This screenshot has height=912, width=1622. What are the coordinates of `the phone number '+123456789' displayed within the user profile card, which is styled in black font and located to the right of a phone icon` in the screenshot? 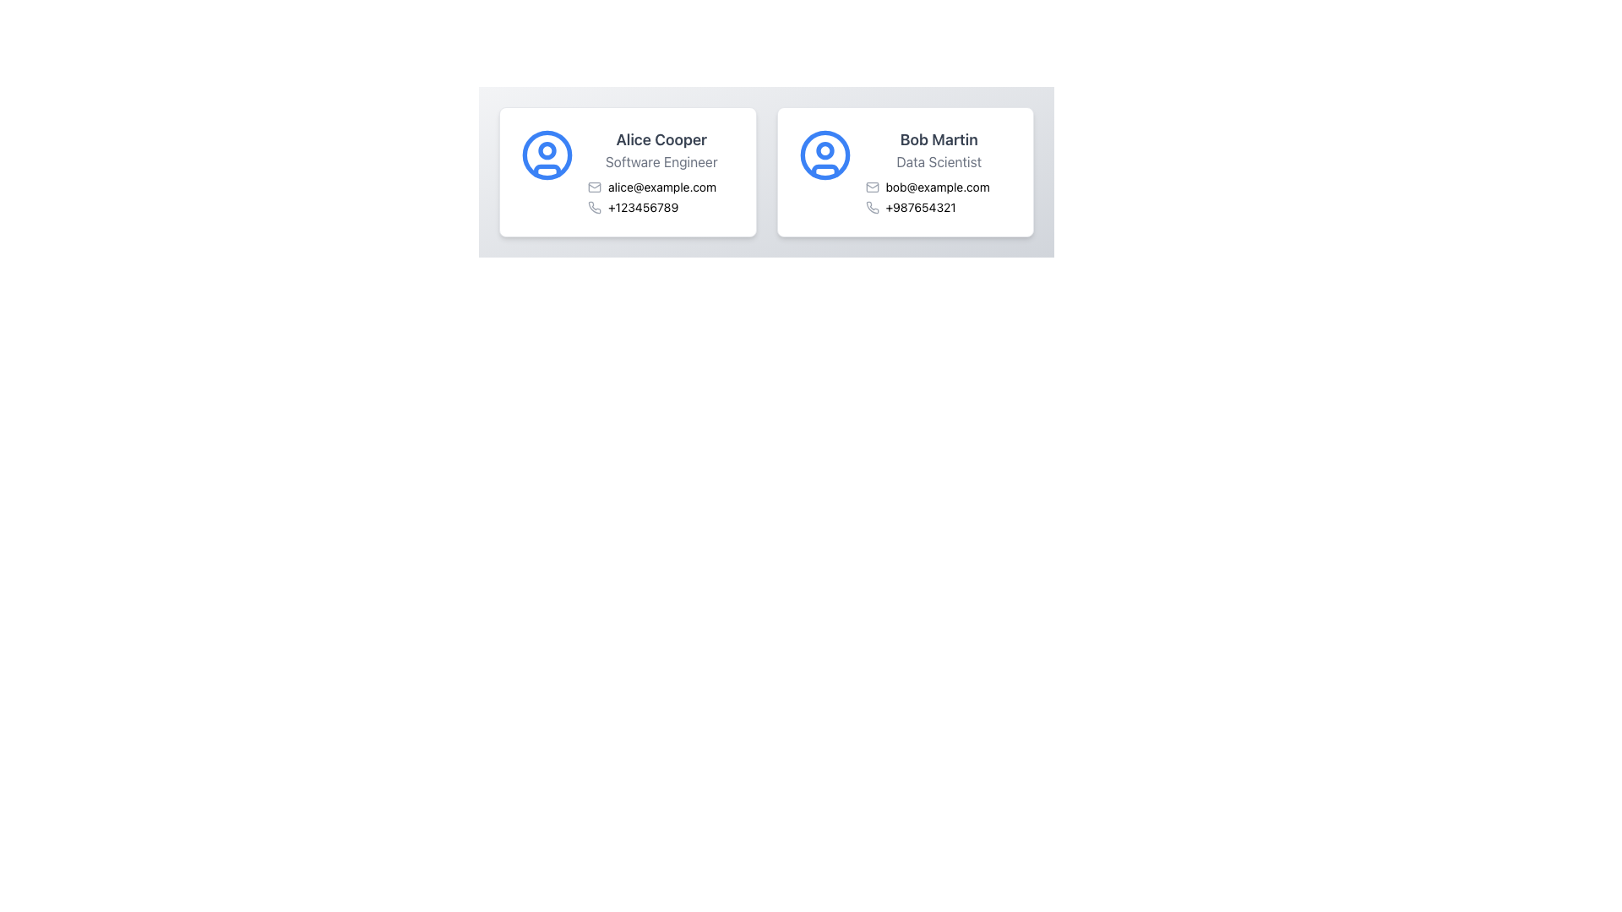 It's located at (642, 207).